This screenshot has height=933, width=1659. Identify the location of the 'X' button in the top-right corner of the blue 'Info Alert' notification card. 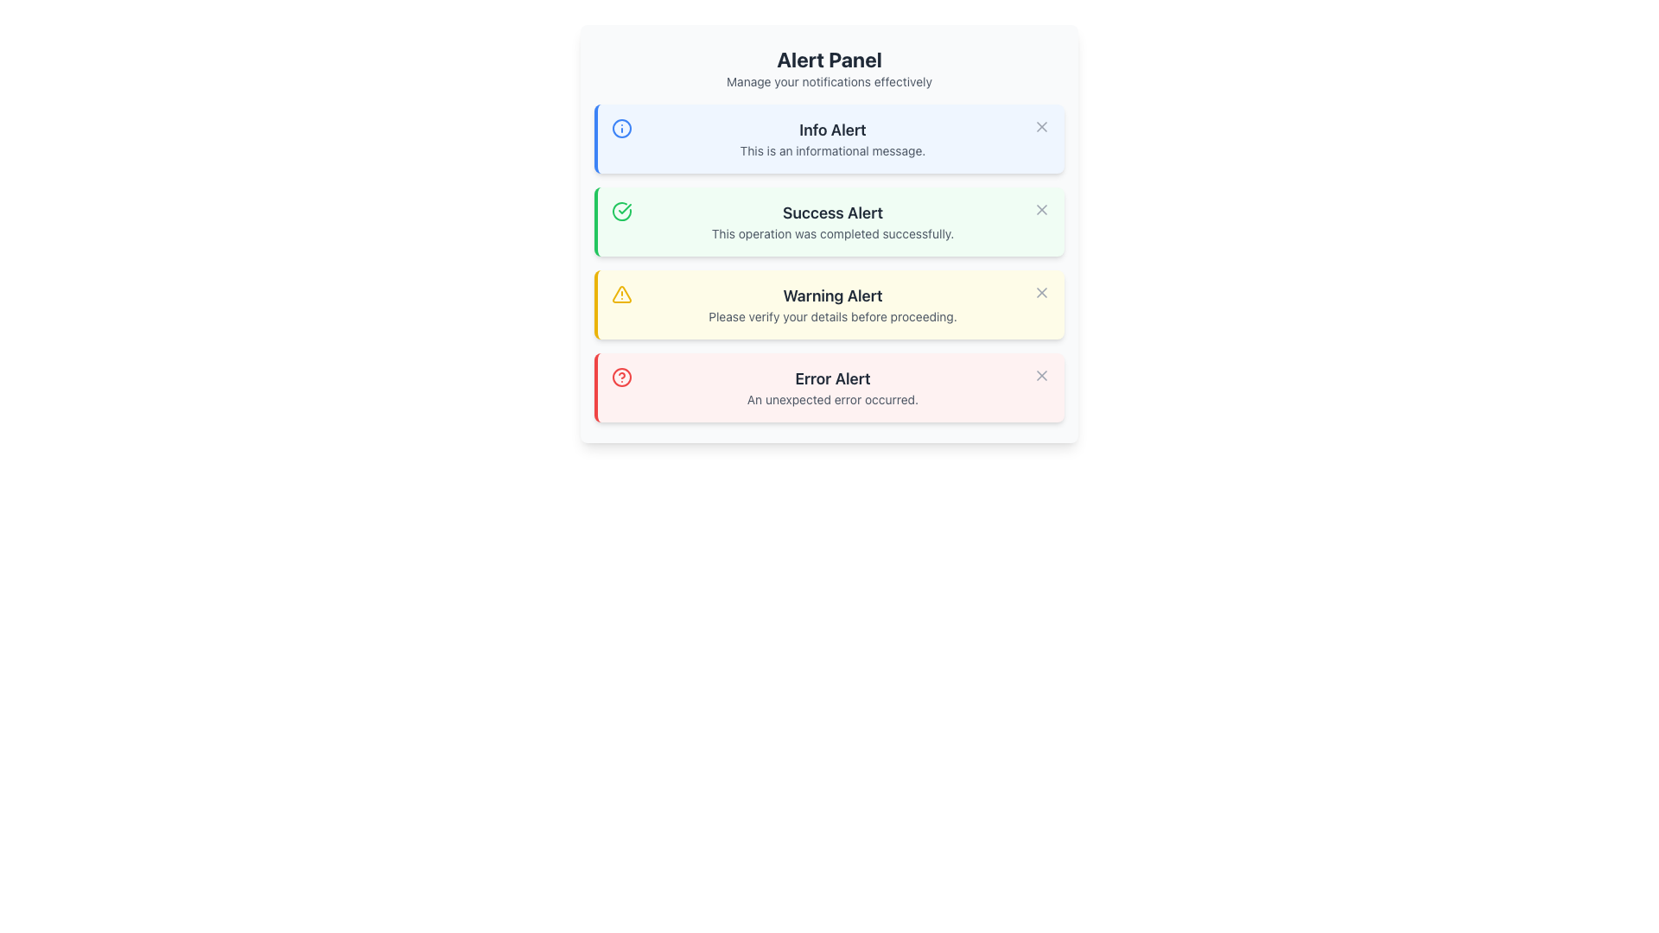
(1040, 125).